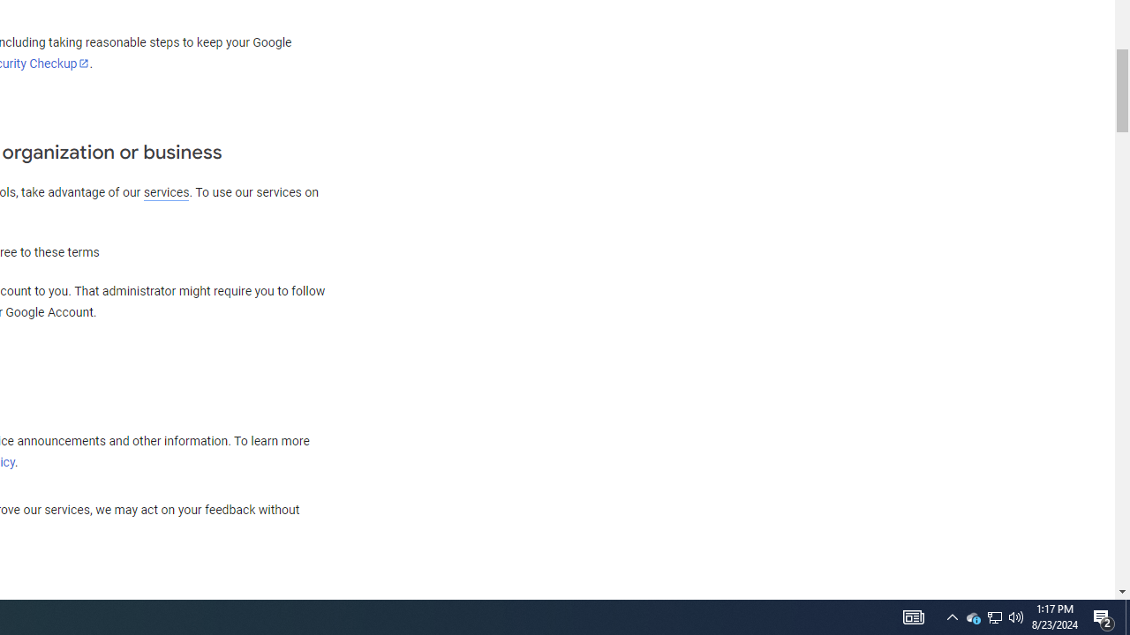  What do you see at coordinates (166, 192) in the screenshot?
I see `'services'` at bounding box center [166, 192].